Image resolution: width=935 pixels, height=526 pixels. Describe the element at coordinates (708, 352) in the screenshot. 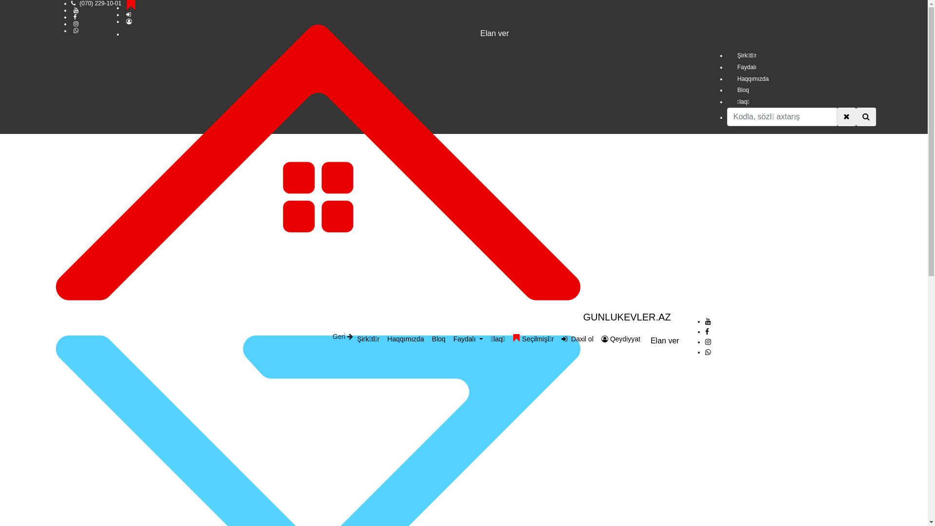

I see `'Whatsapp'` at that location.